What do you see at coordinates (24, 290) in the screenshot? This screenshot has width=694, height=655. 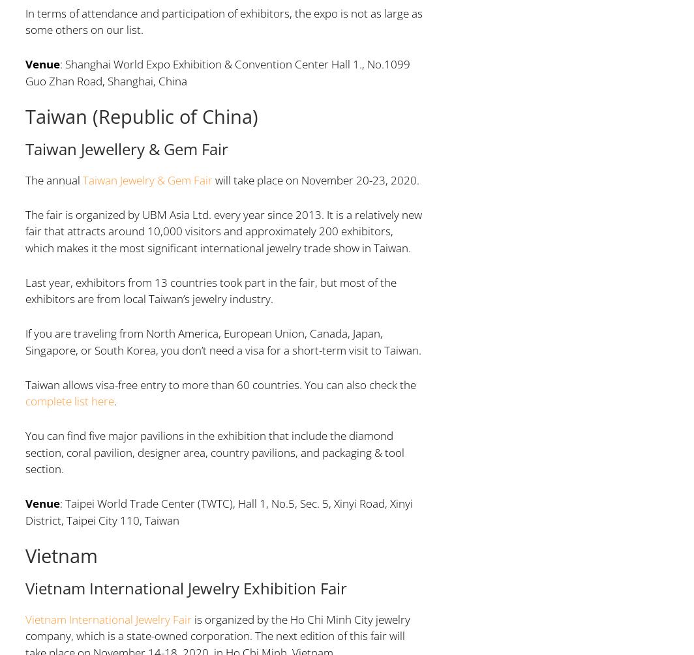 I see `'Last year, exhibitors from 13 countries took part in the fair, but most of the exhibitors are from local Taiwan’s jewelry industry.'` at bounding box center [24, 290].